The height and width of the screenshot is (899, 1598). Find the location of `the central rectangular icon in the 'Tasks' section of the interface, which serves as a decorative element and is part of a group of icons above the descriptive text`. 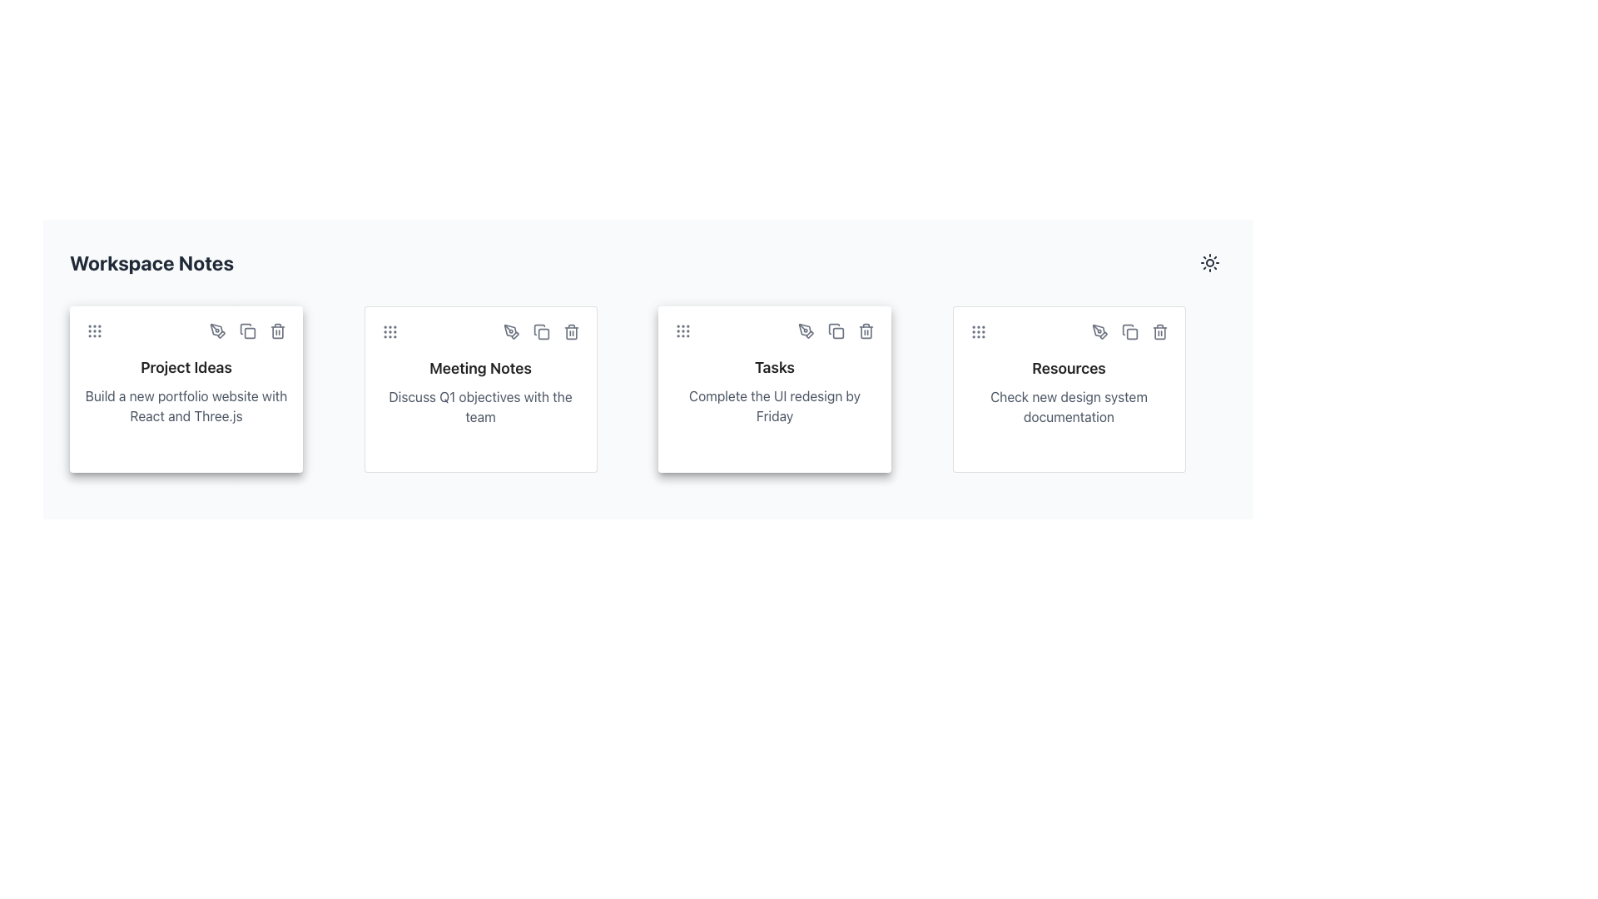

the central rectangular icon in the 'Tasks' section of the interface, which serves as a decorative element and is part of a group of icons above the descriptive text is located at coordinates (838, 333).